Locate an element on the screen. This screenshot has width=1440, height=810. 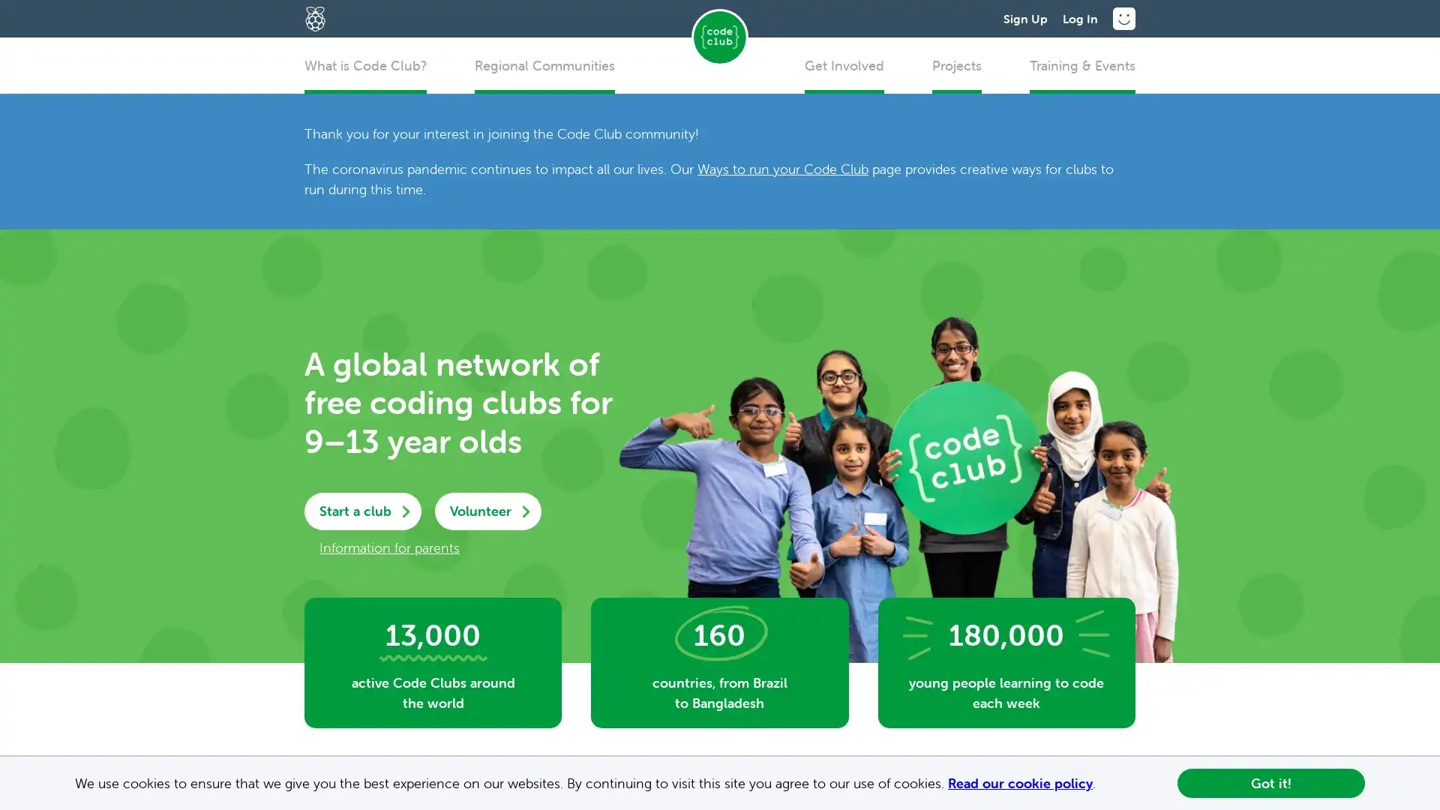
dismiss cookie message is located at coordinates (1270, 782).